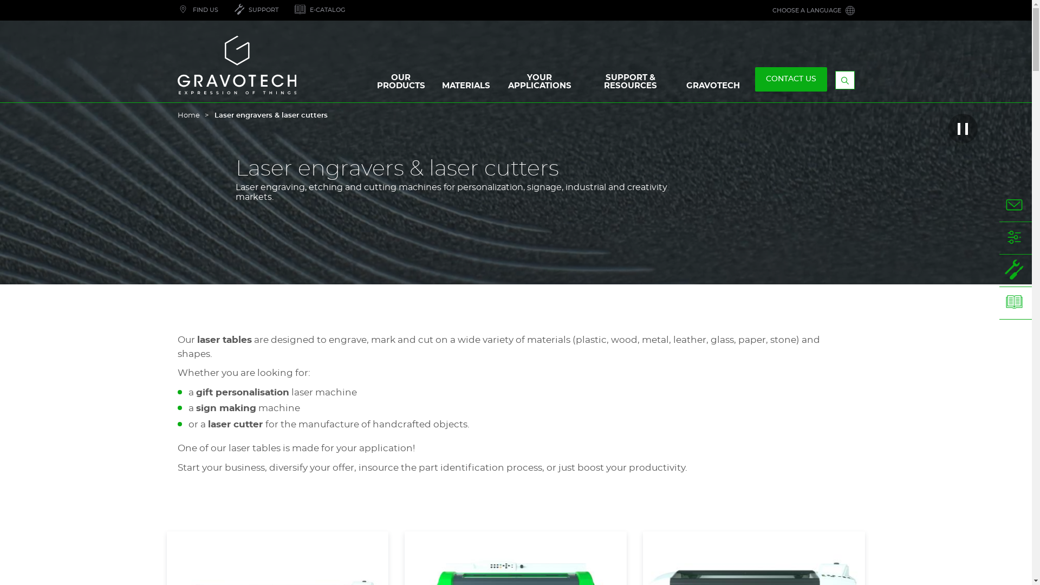 The image size is (1040, 585). What do you see at coordinates (791, 79) in the screenshot?
I see `'CONTACT US'` at bounding box center [791, 79].